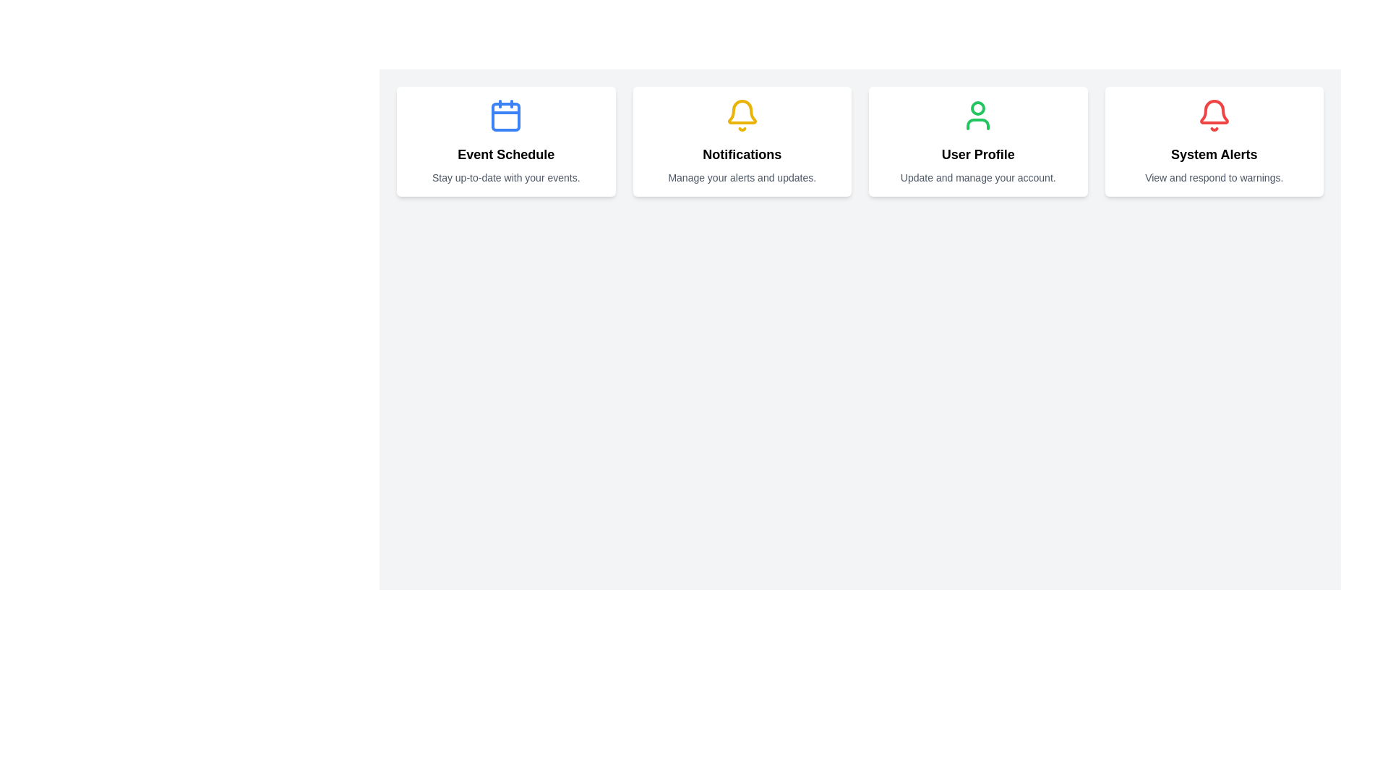 The width and height of the screenshot is (1388, 781). Describe the element at coordinates (1214, 111) in the screenshot. I see `the notification alert icon located inside the red bell icon on the rightmost card labeled 'System Alerts' in the top row of the interface` at that location.